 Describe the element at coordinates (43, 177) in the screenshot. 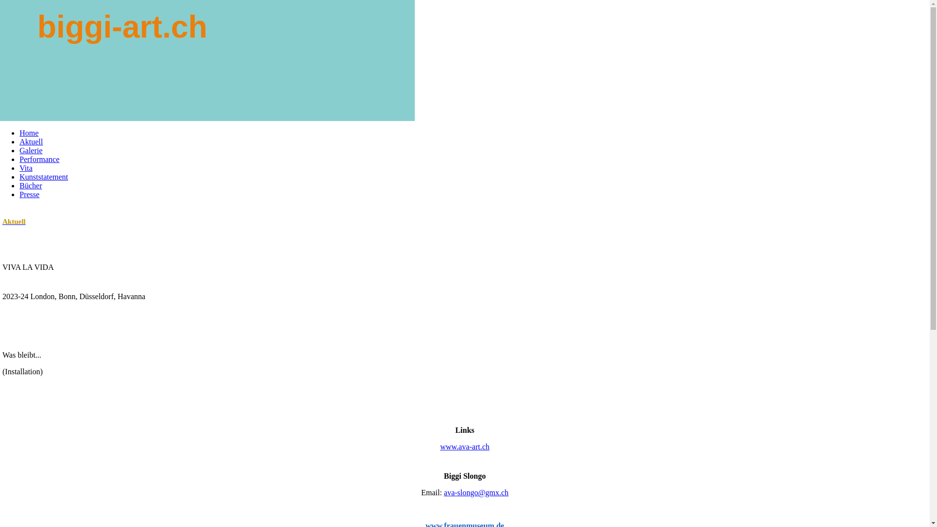

I see `'Kunststatement'` at that location.